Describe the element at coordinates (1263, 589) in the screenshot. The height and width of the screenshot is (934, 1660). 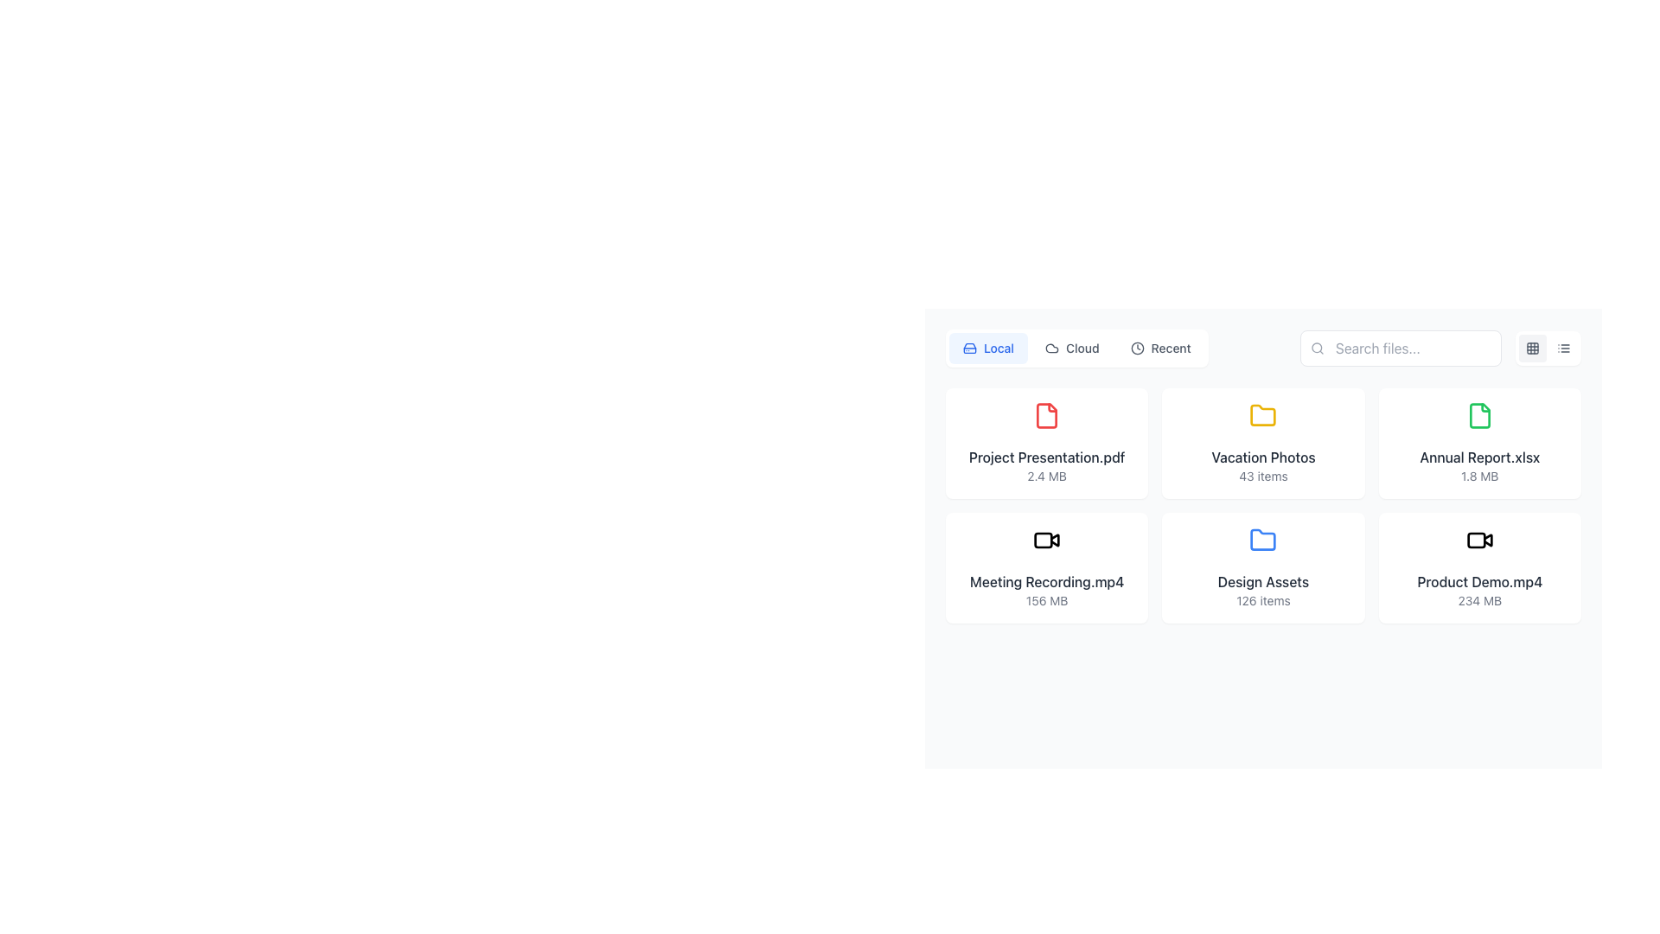
I see `the text label and information display for the folder named 'Design Assets', which is centrally` at that location.